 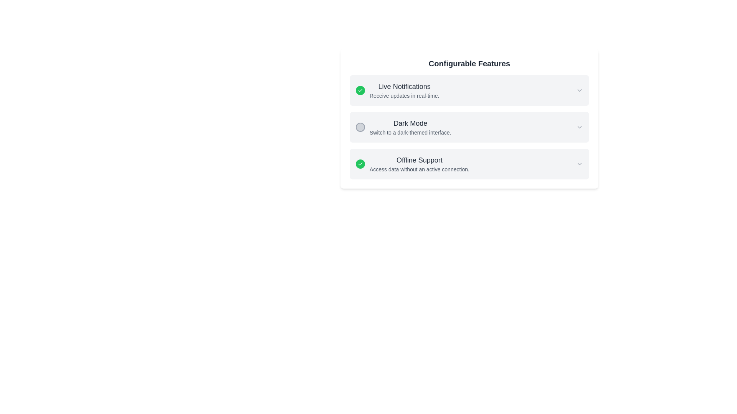 What do you see at coordinates (419, 164) in the screenshot?
I see `the title of the 'Offline Support' feature information block to focus on it` at bounding box center [419, 164].